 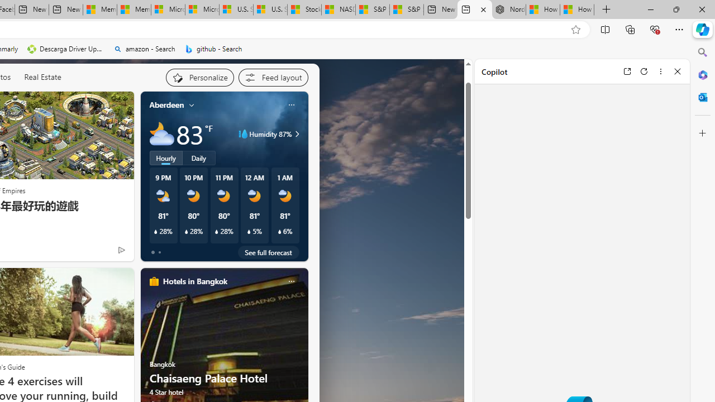 I want to click on 'Collections', so click(x=630, y=28).